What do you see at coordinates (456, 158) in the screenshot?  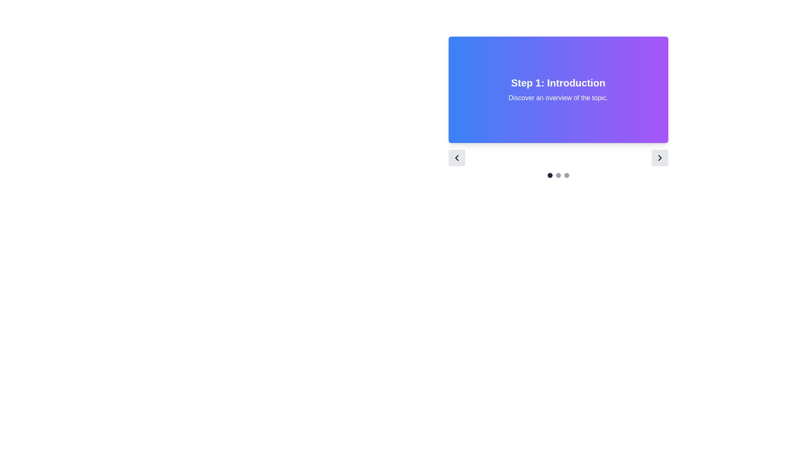 I see `the left chevron arrow icon used for navigation in the carousel beneath the 'Step 1: Introduction' card` at bounding box center [456, 158].